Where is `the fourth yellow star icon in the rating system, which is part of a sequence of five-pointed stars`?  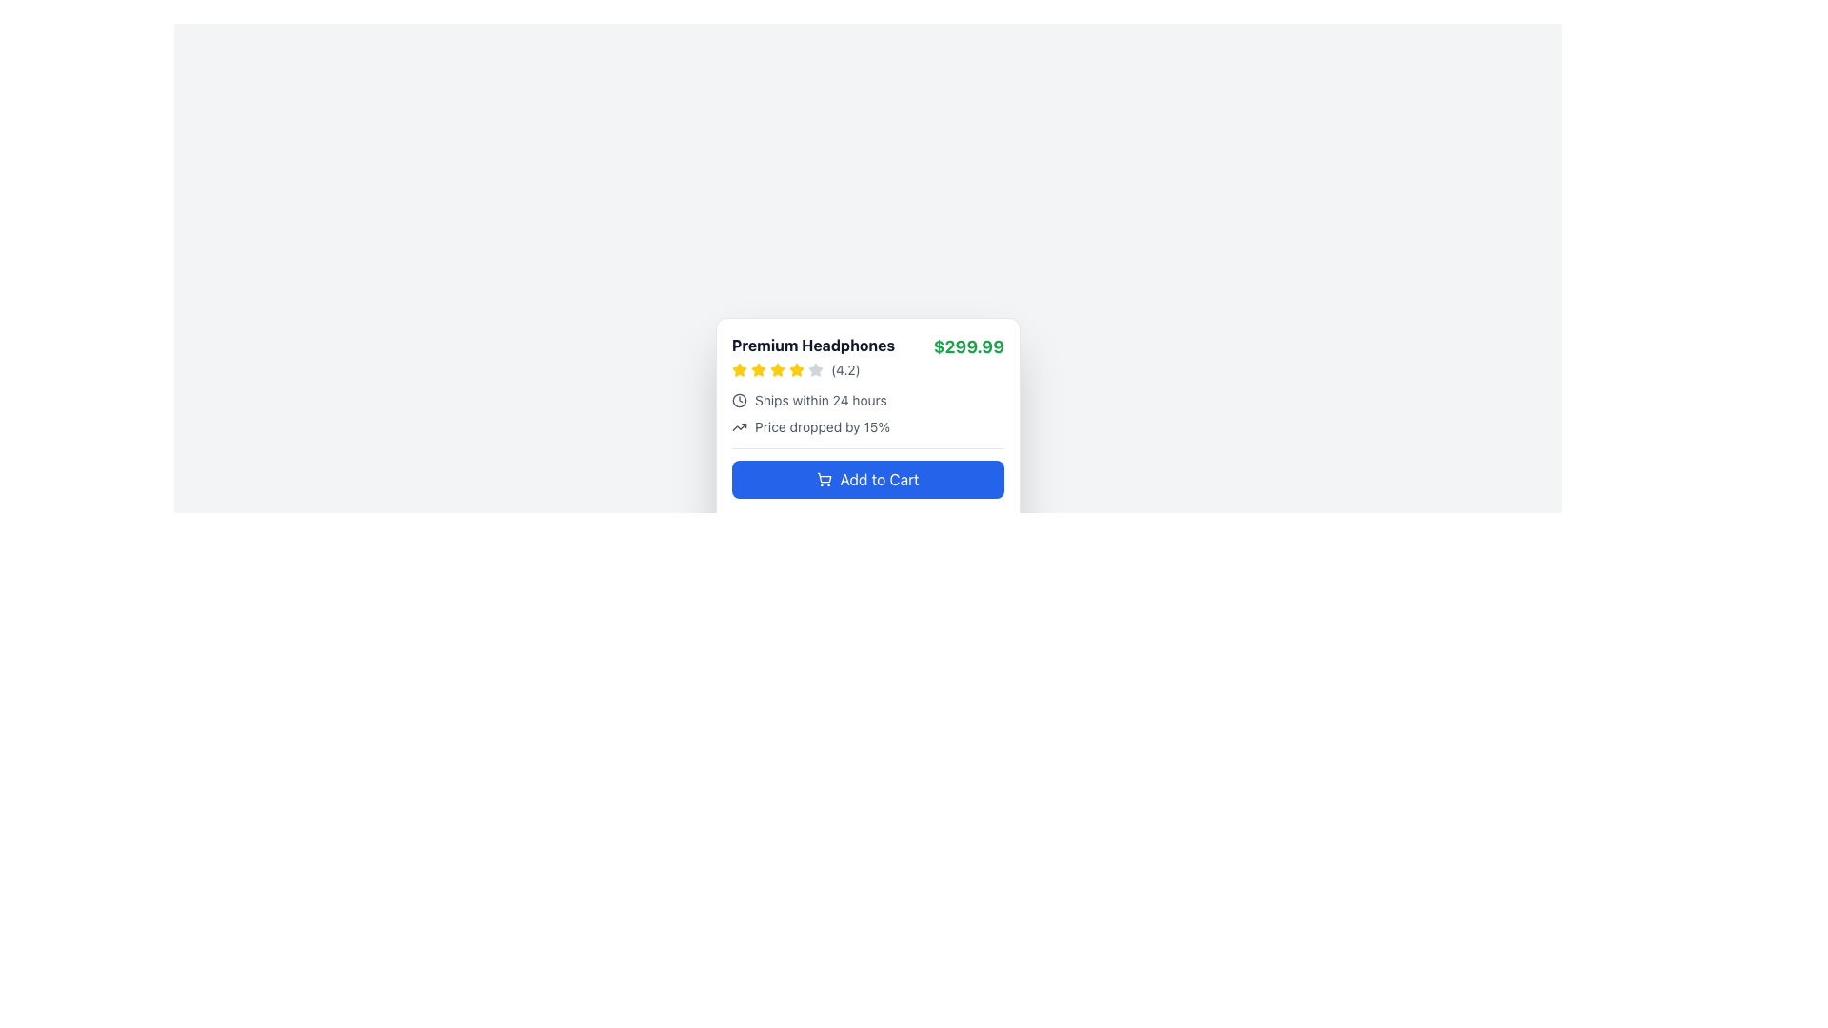 the fourth yellow star icon in the rating system, which is part of a sequence of five-pointed stars is located at coordinates (777, 370).